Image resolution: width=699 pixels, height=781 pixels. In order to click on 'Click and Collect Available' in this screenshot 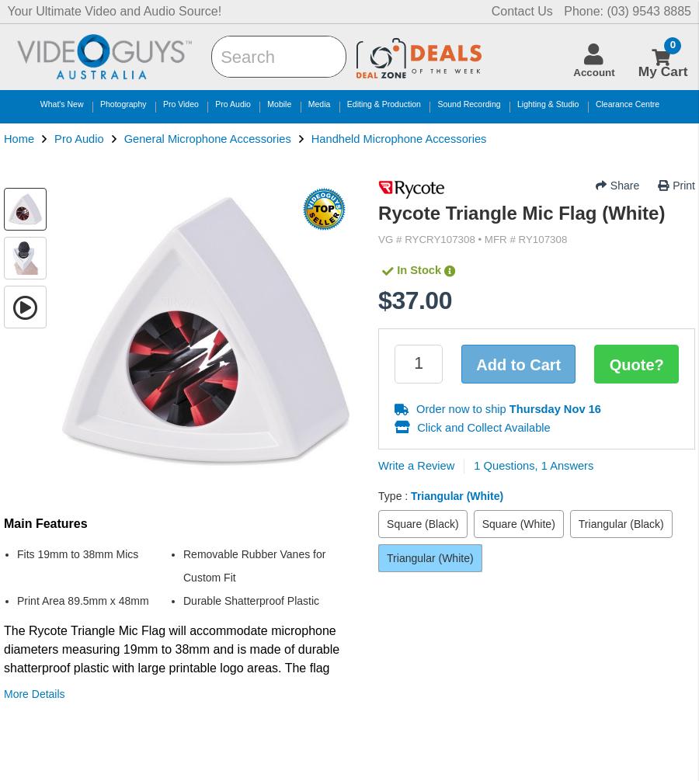, I will do `click(482, 426)`.